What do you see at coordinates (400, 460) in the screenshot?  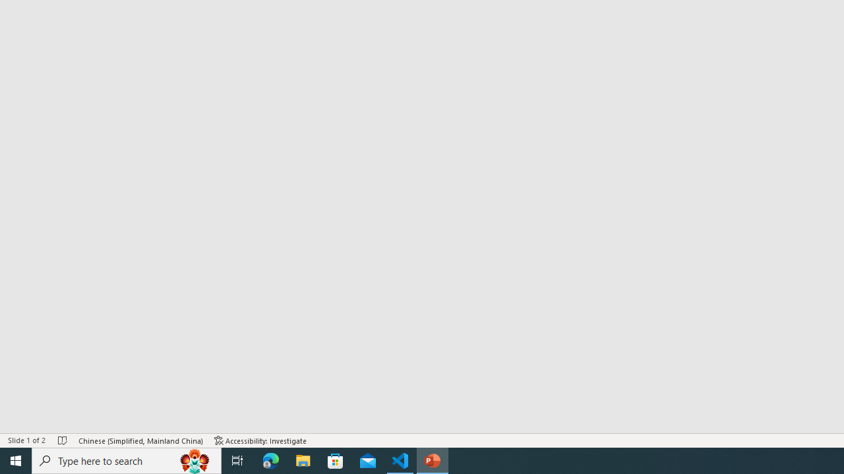 I see `'Visual Studio Code - 1 running window'` at bounding box center [400, 460].